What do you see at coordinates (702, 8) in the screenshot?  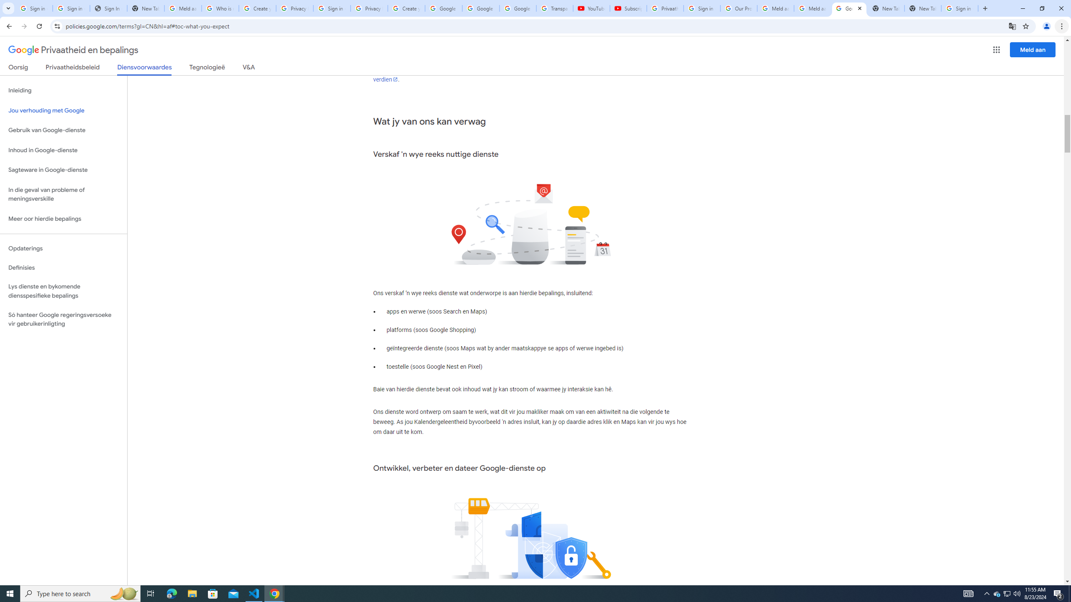 I see `'Sign in - Google Accounts'` at bounding box center [702, 8].